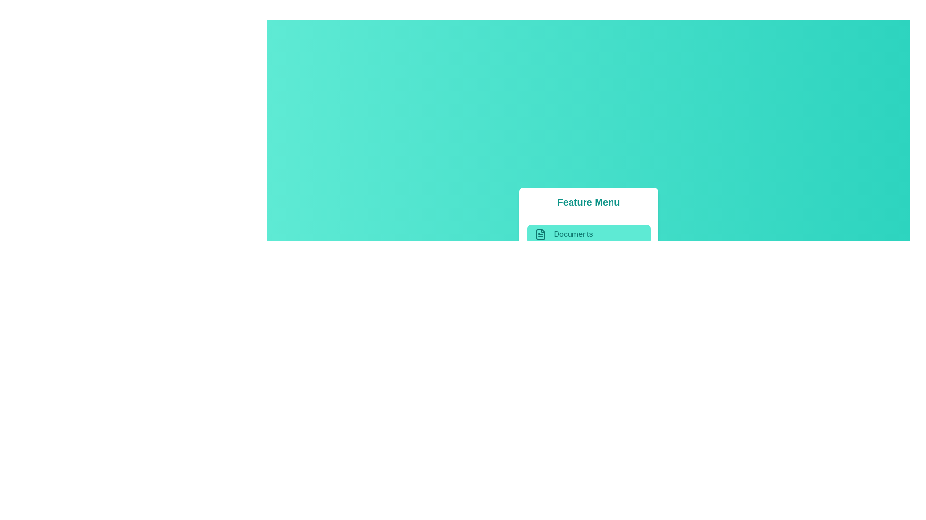 The width and height of the screenshot is (926, 520). Describe the element at coordinates (588, 234) in the screenshot. I see `the first menu item under the 'Feature Menu' heading` at that location.